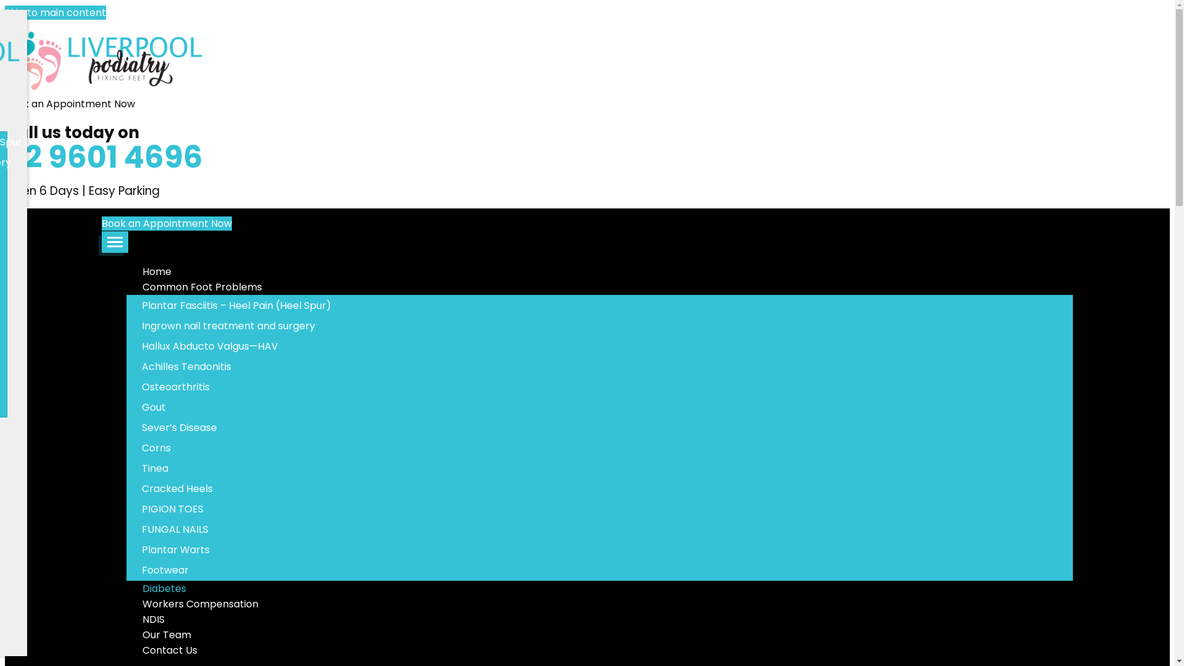 The width and height of the screenshot is (1184, 666). What do you see at coordinates (163, 588) in the screenshot?
I see `'Diabetes'` at bounding box center [163, 588].